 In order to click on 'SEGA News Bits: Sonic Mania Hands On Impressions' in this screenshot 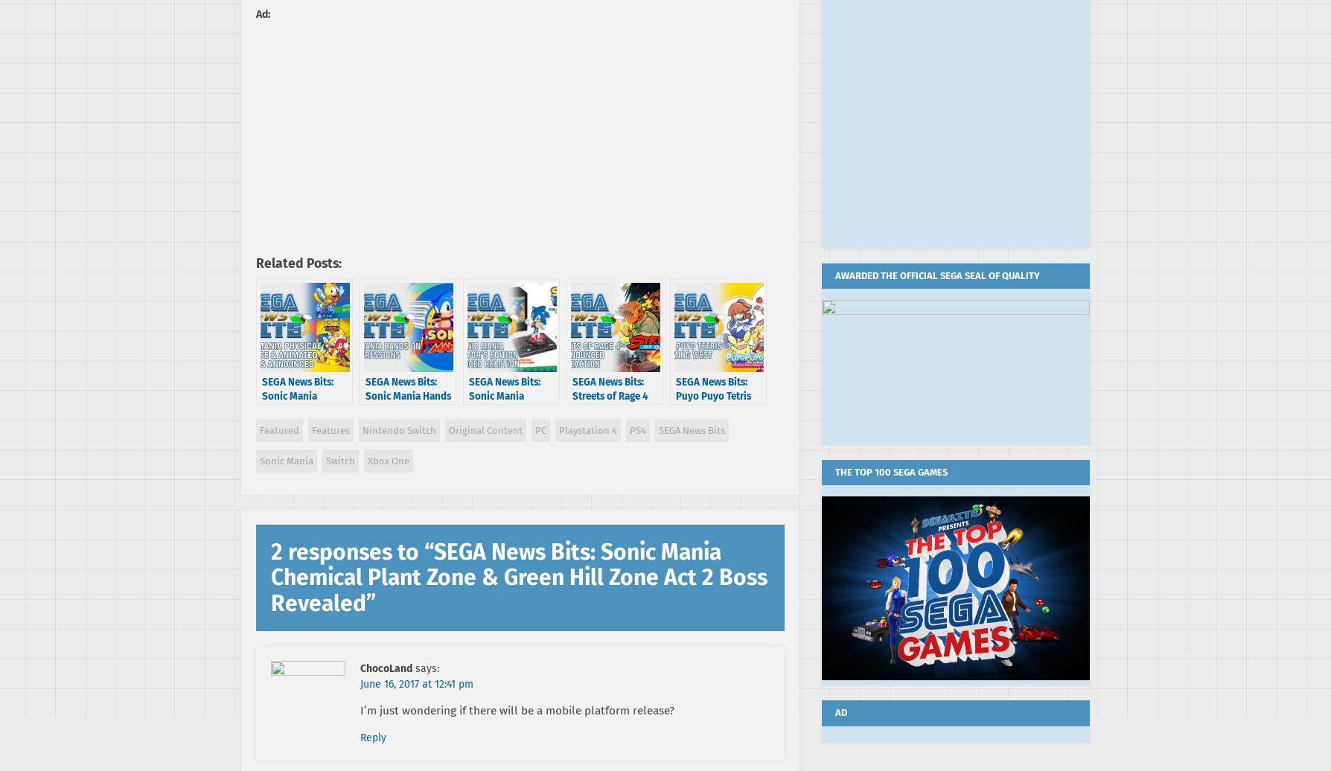, I will do `click(365, 395)`.